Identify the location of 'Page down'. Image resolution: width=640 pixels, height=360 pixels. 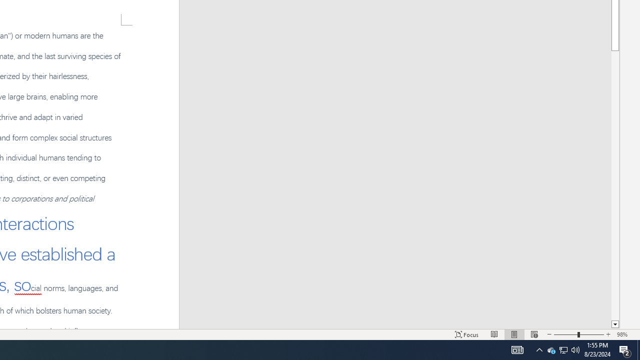
(614, 185).